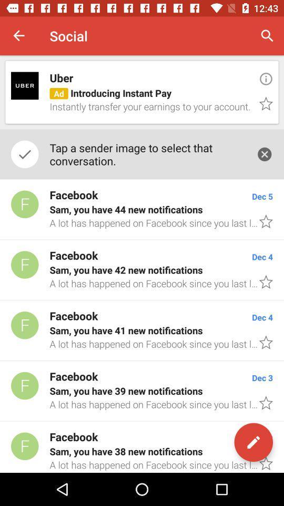  I want to click on icon below the tap a sender, so click(142, 209).